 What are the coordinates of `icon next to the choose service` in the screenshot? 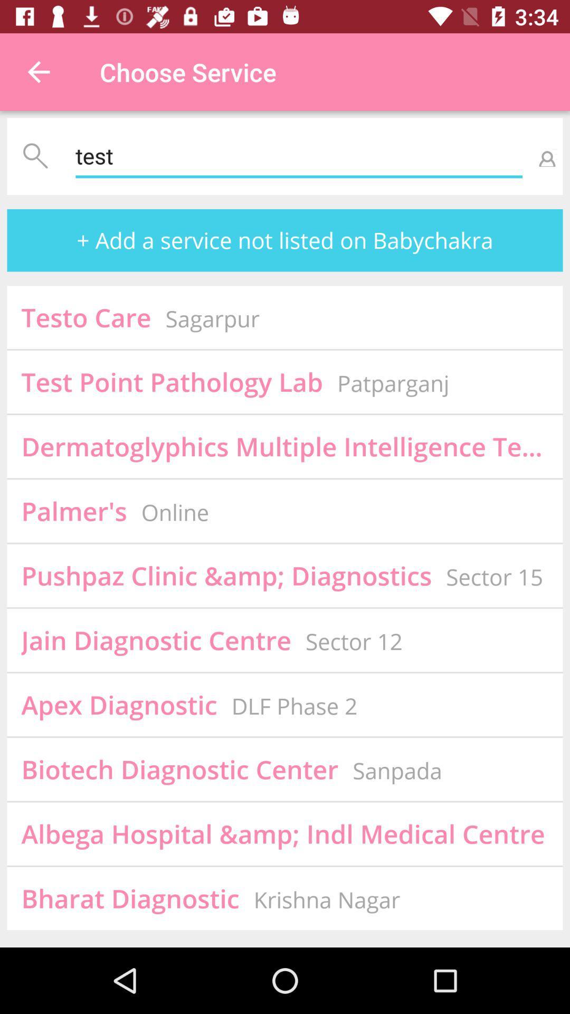 It's located at (38, 71).